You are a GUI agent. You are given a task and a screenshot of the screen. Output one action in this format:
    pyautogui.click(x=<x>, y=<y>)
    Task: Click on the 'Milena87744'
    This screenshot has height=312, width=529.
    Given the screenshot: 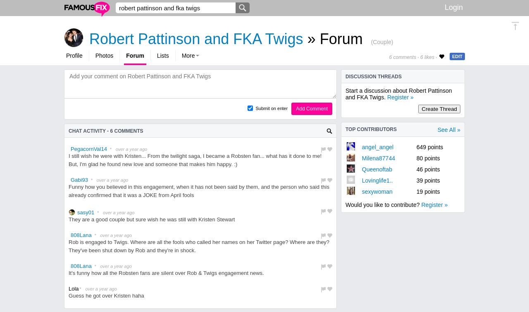 What is the action you would take?
    pyautogui.click(x=362, y=157)
    